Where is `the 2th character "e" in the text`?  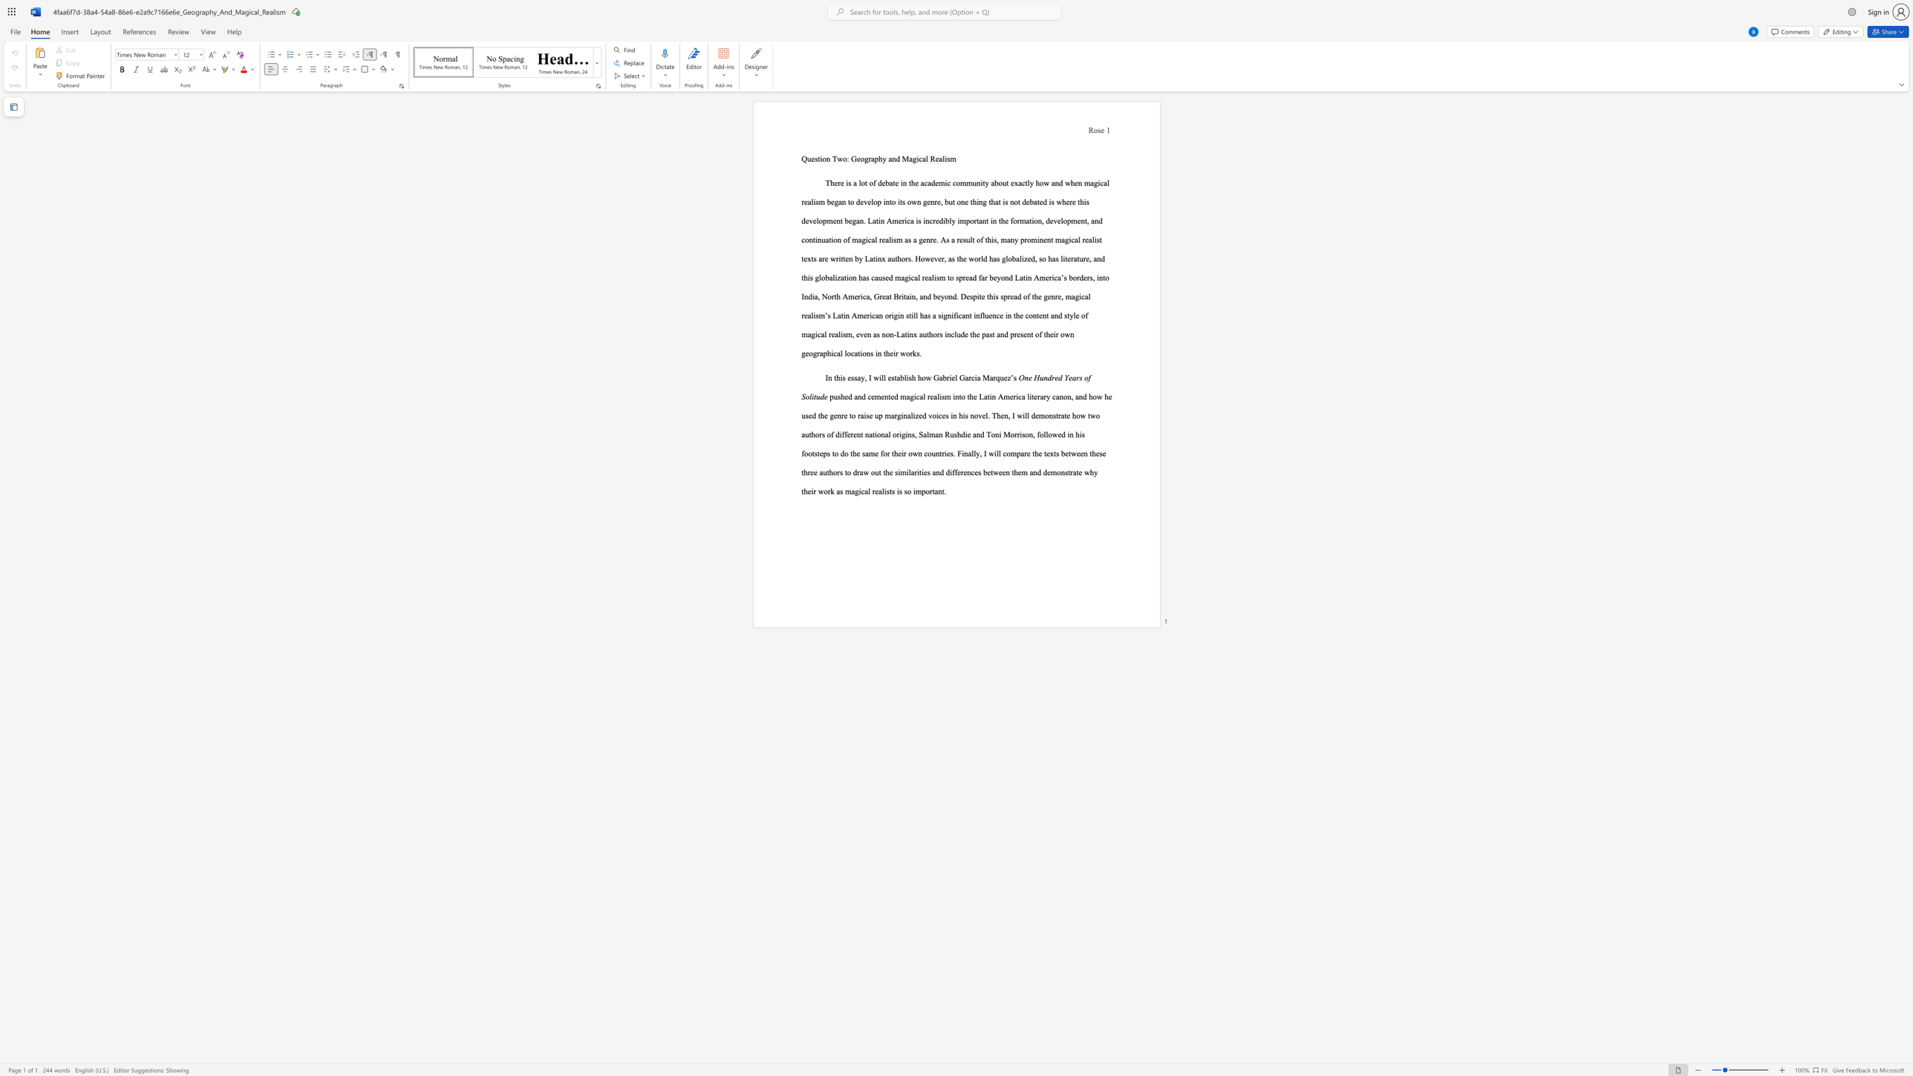 the 2th character "e" in the text is located at coordinates (1040, 314).